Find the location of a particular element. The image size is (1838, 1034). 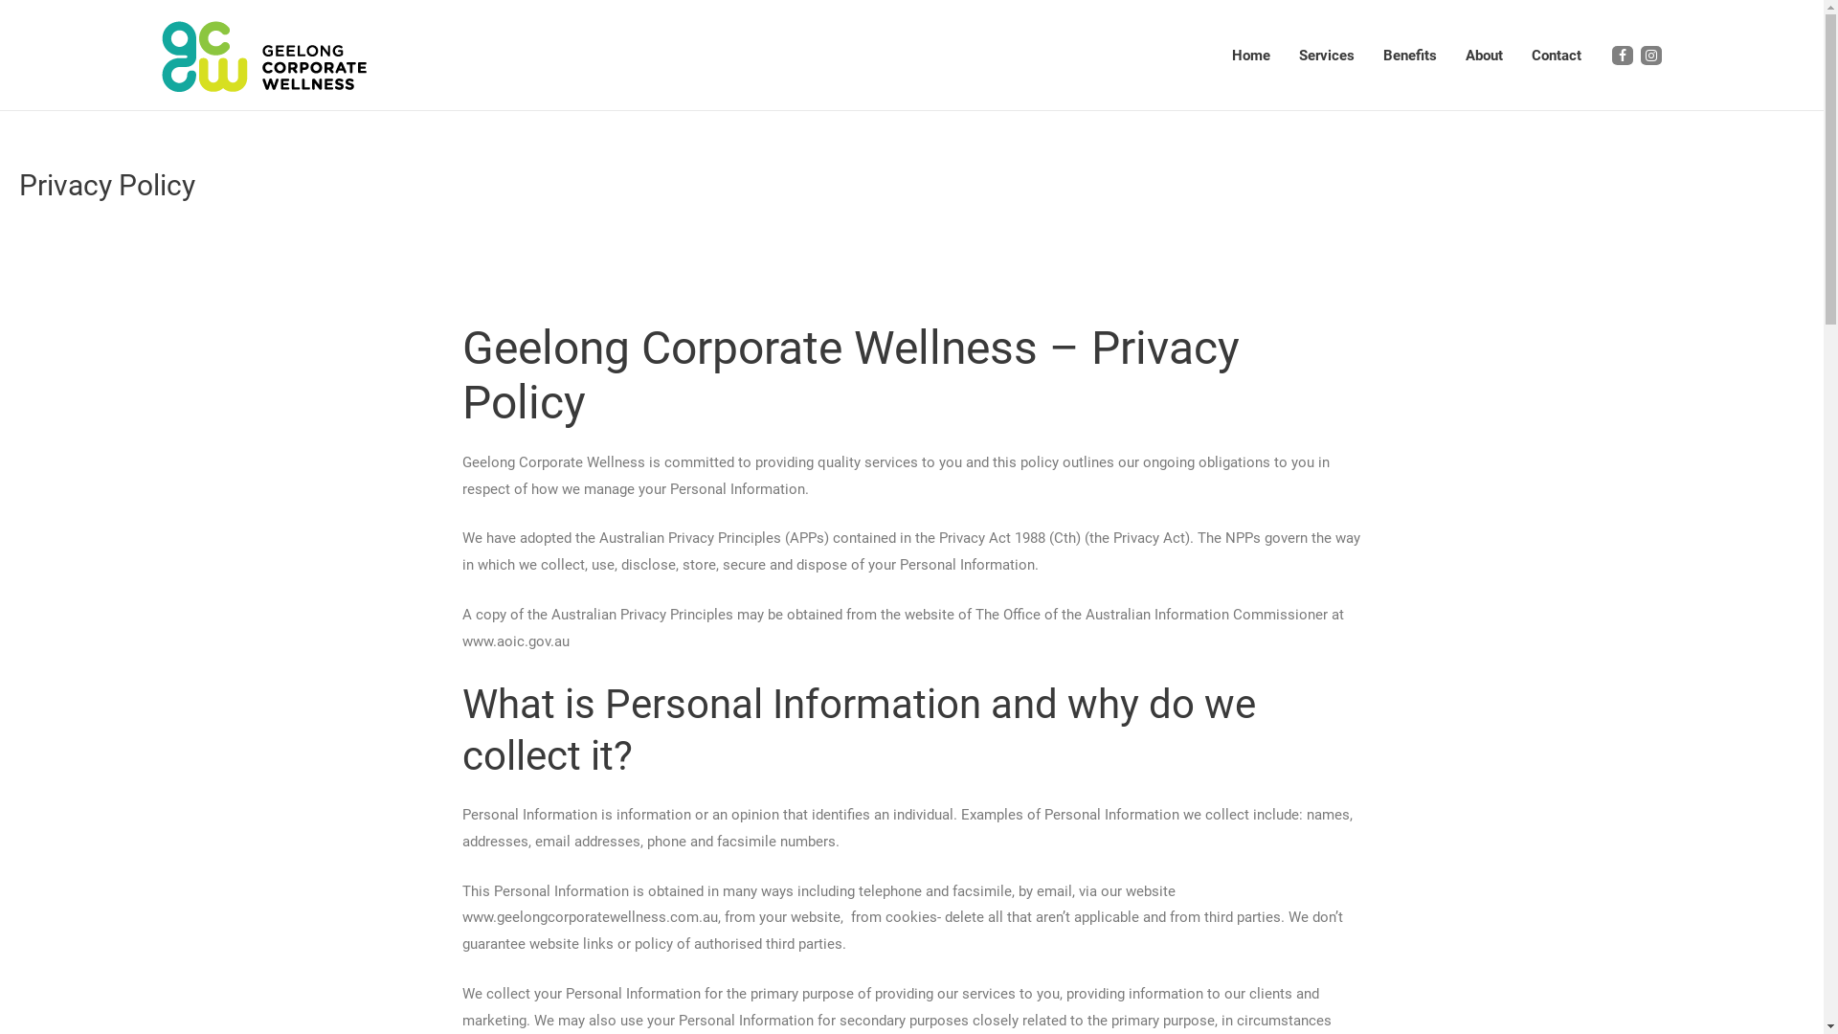

'Contact' is located at coordinates (1515, 54).